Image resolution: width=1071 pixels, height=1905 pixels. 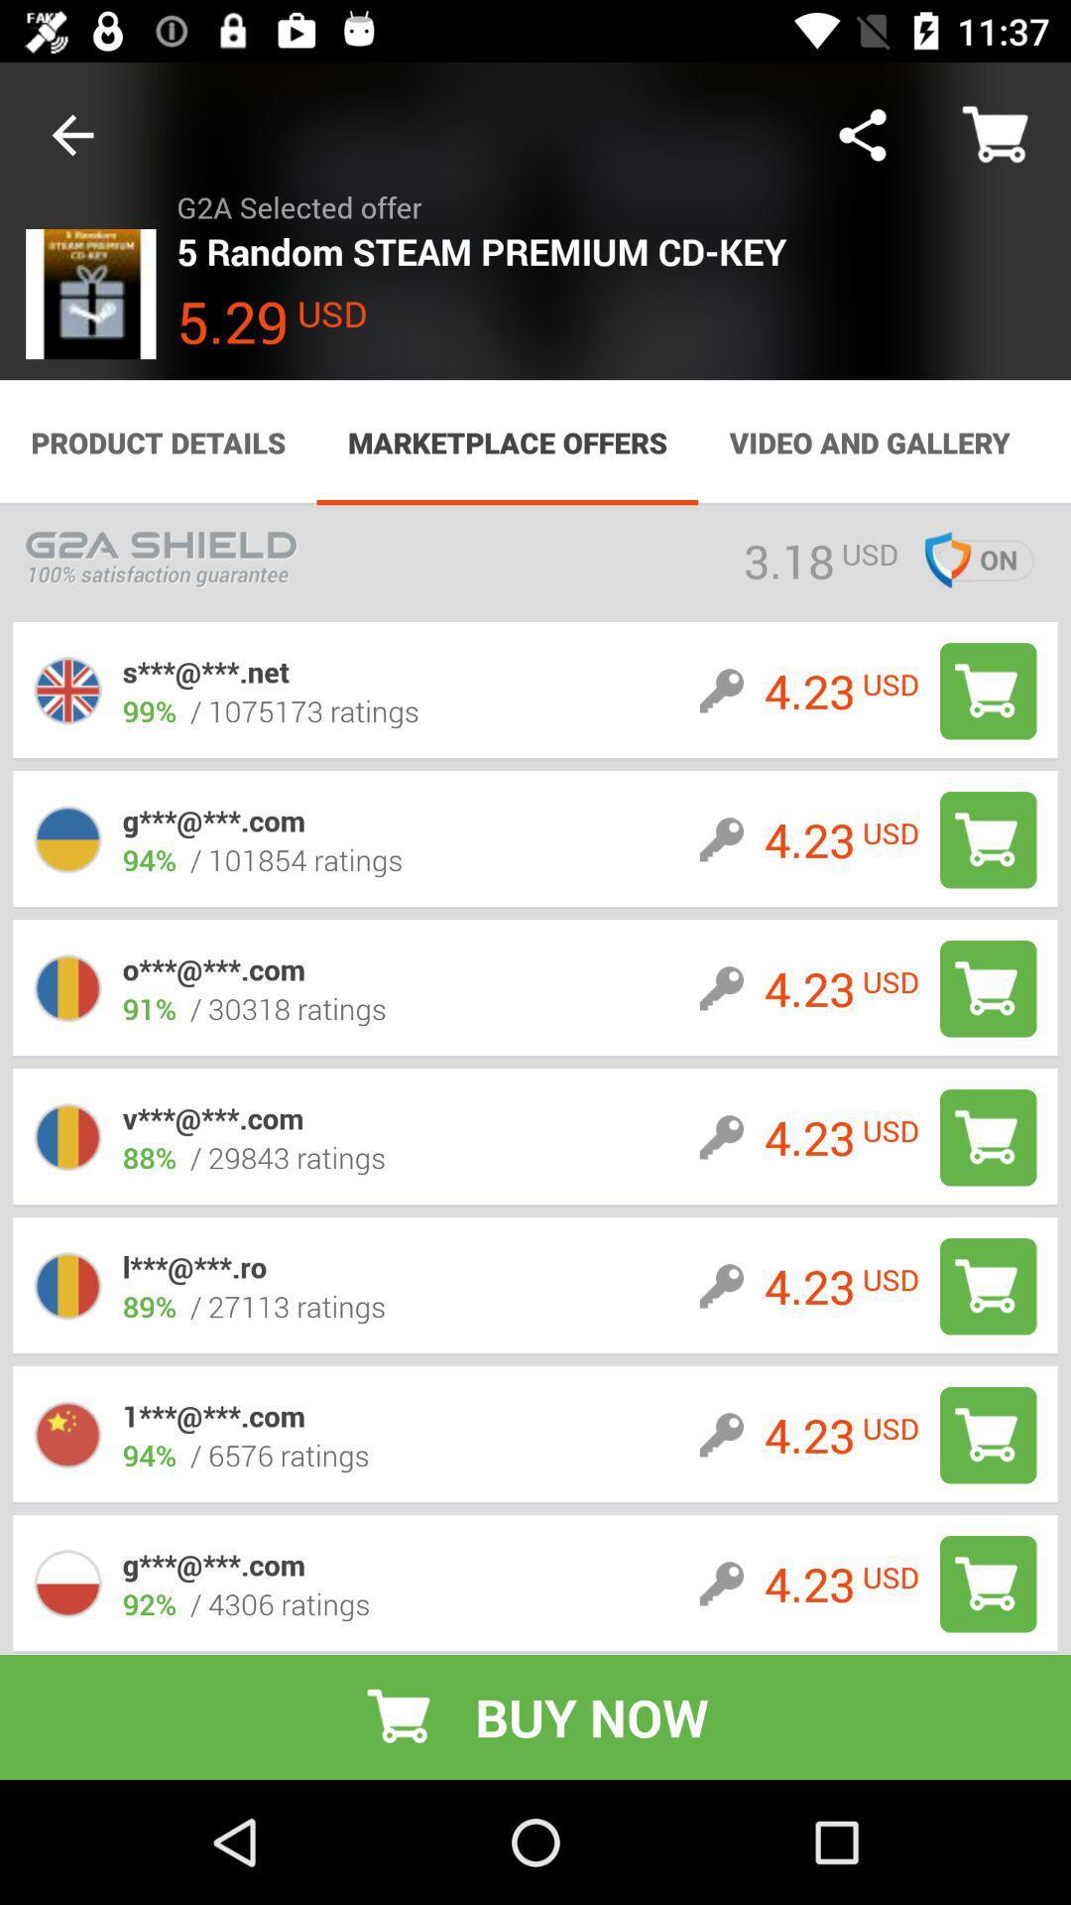 I want to click on the flag image which is left side of the text ocom, so click(x=67, y=988).